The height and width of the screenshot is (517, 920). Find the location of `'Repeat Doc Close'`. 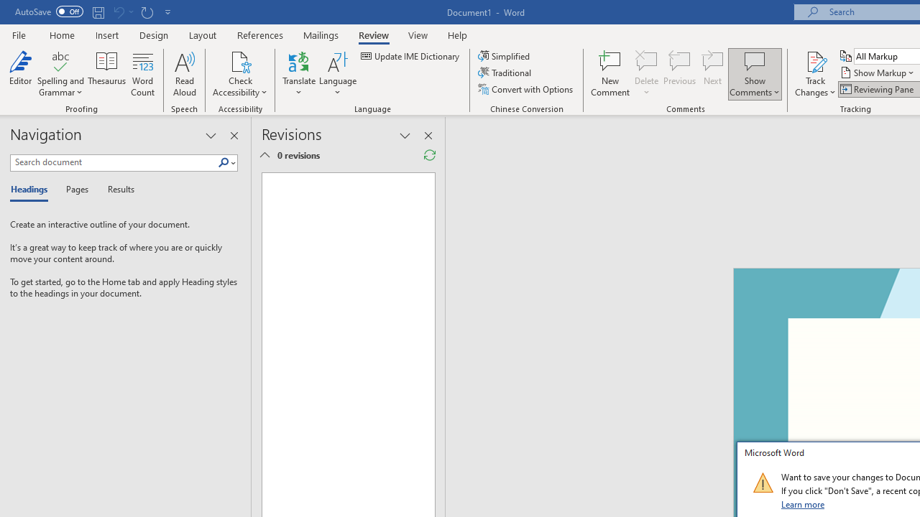

'Repeat Doc Close' is located at coordinates (147, 11).